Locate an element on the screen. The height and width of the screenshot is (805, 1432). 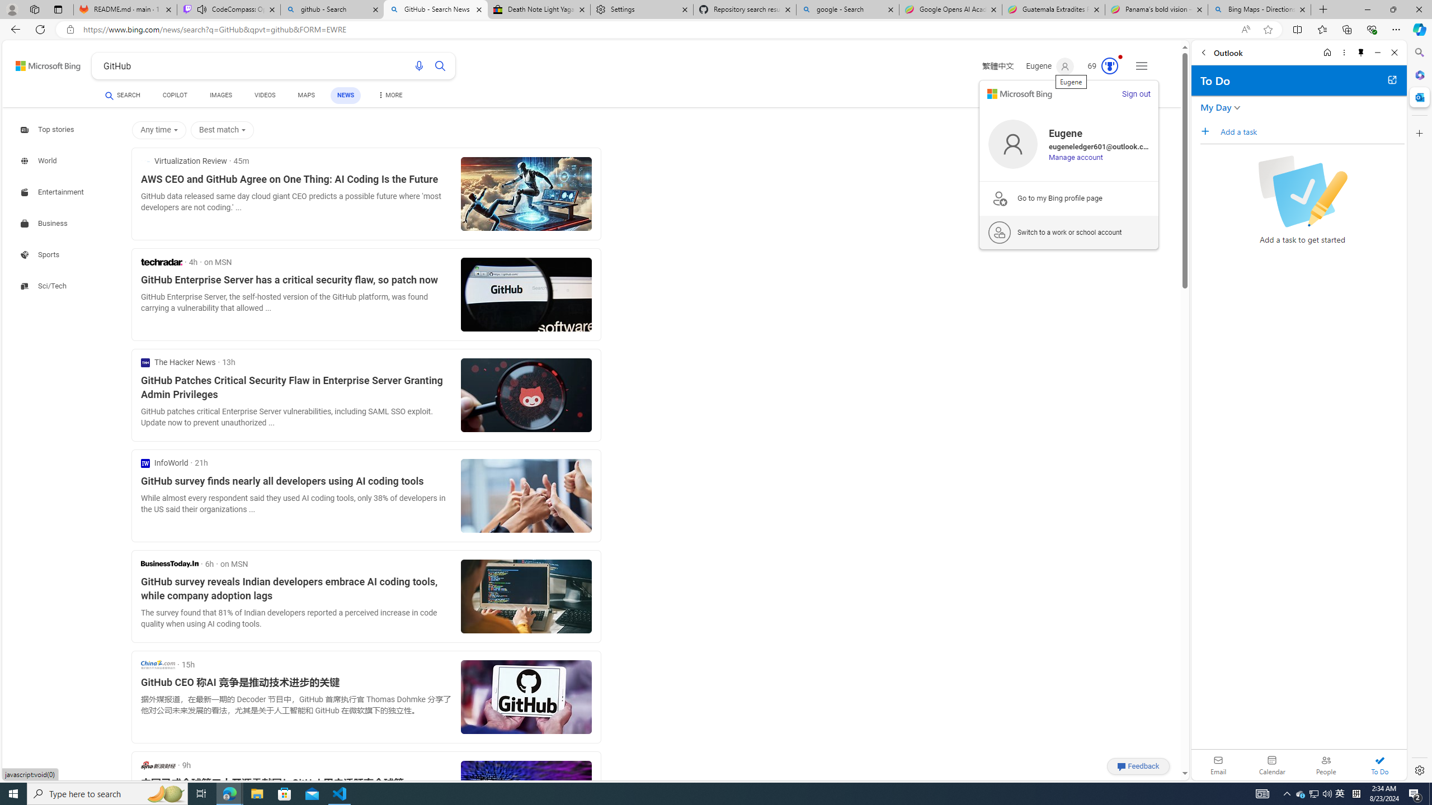
'Search using voice' is located at coordinates (420, 66).